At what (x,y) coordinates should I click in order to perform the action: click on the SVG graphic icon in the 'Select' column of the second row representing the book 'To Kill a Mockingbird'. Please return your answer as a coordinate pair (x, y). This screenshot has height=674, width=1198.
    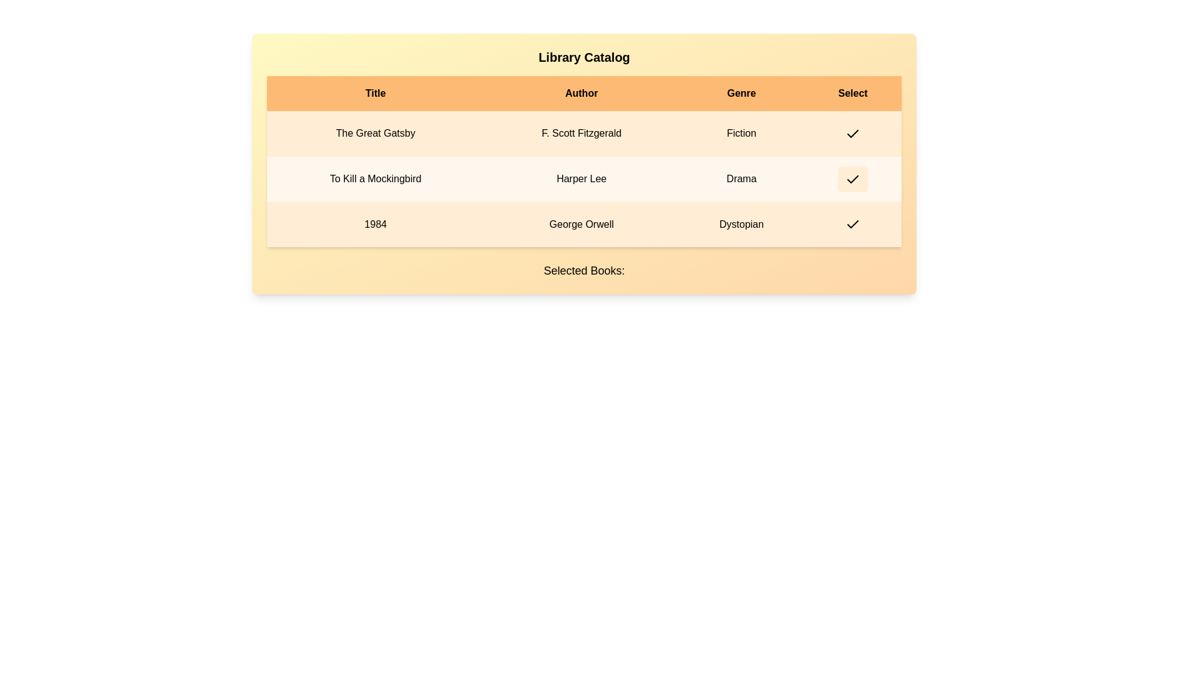
    Looking at the image, I should click on (852, 179).